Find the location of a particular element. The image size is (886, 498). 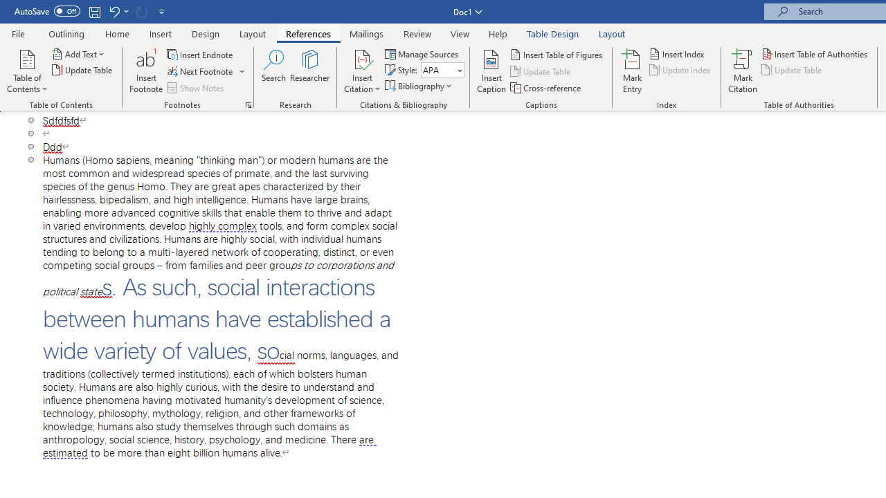

'Next Footnote' is located at coordinates (206, 71).